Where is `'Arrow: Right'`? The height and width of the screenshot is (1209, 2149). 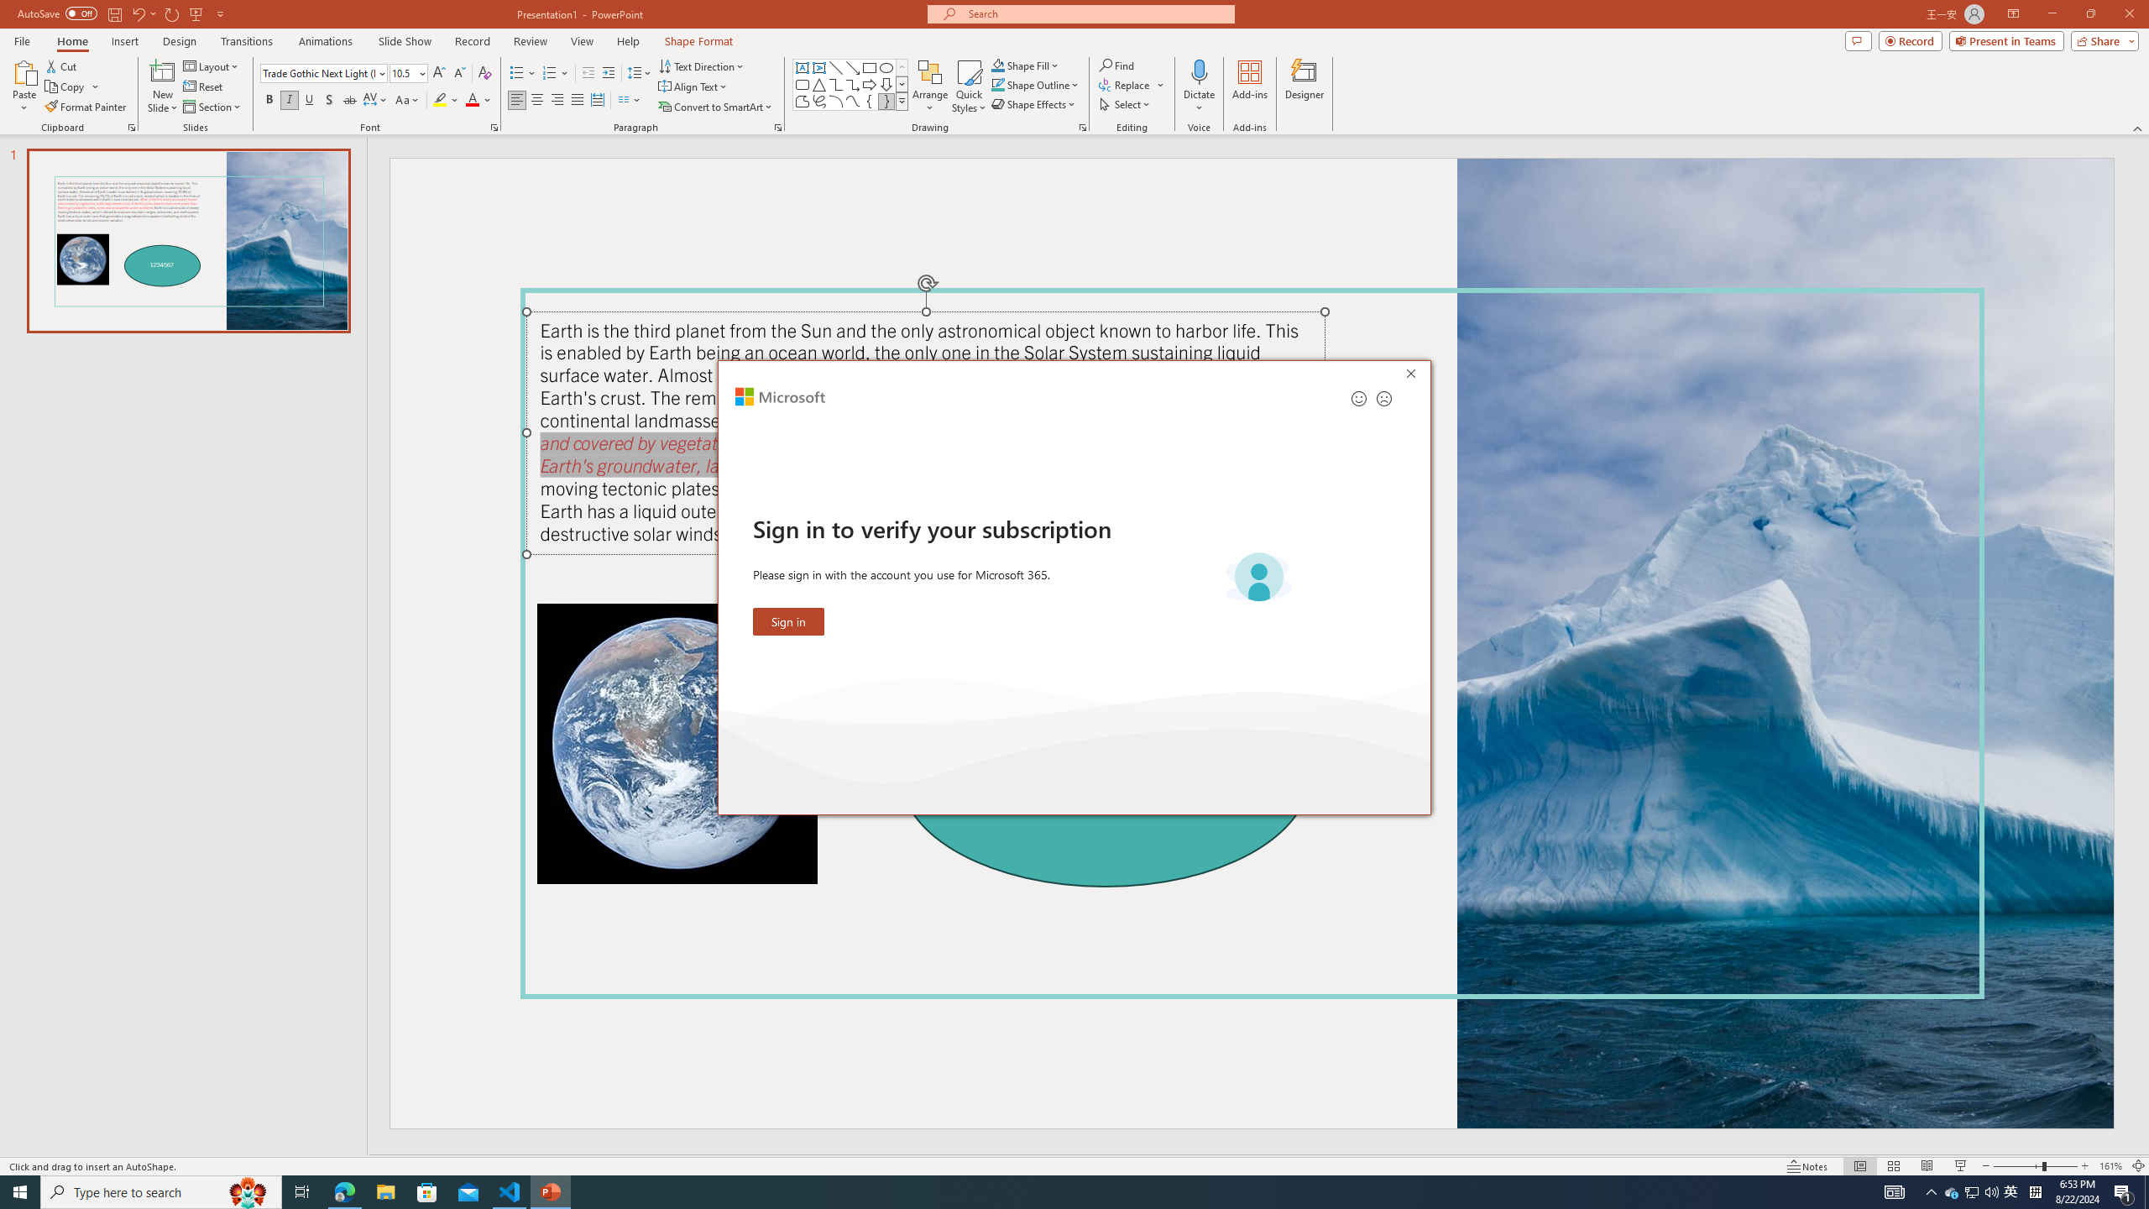
'Arrow: Right' is located at coordinates (869, 83).